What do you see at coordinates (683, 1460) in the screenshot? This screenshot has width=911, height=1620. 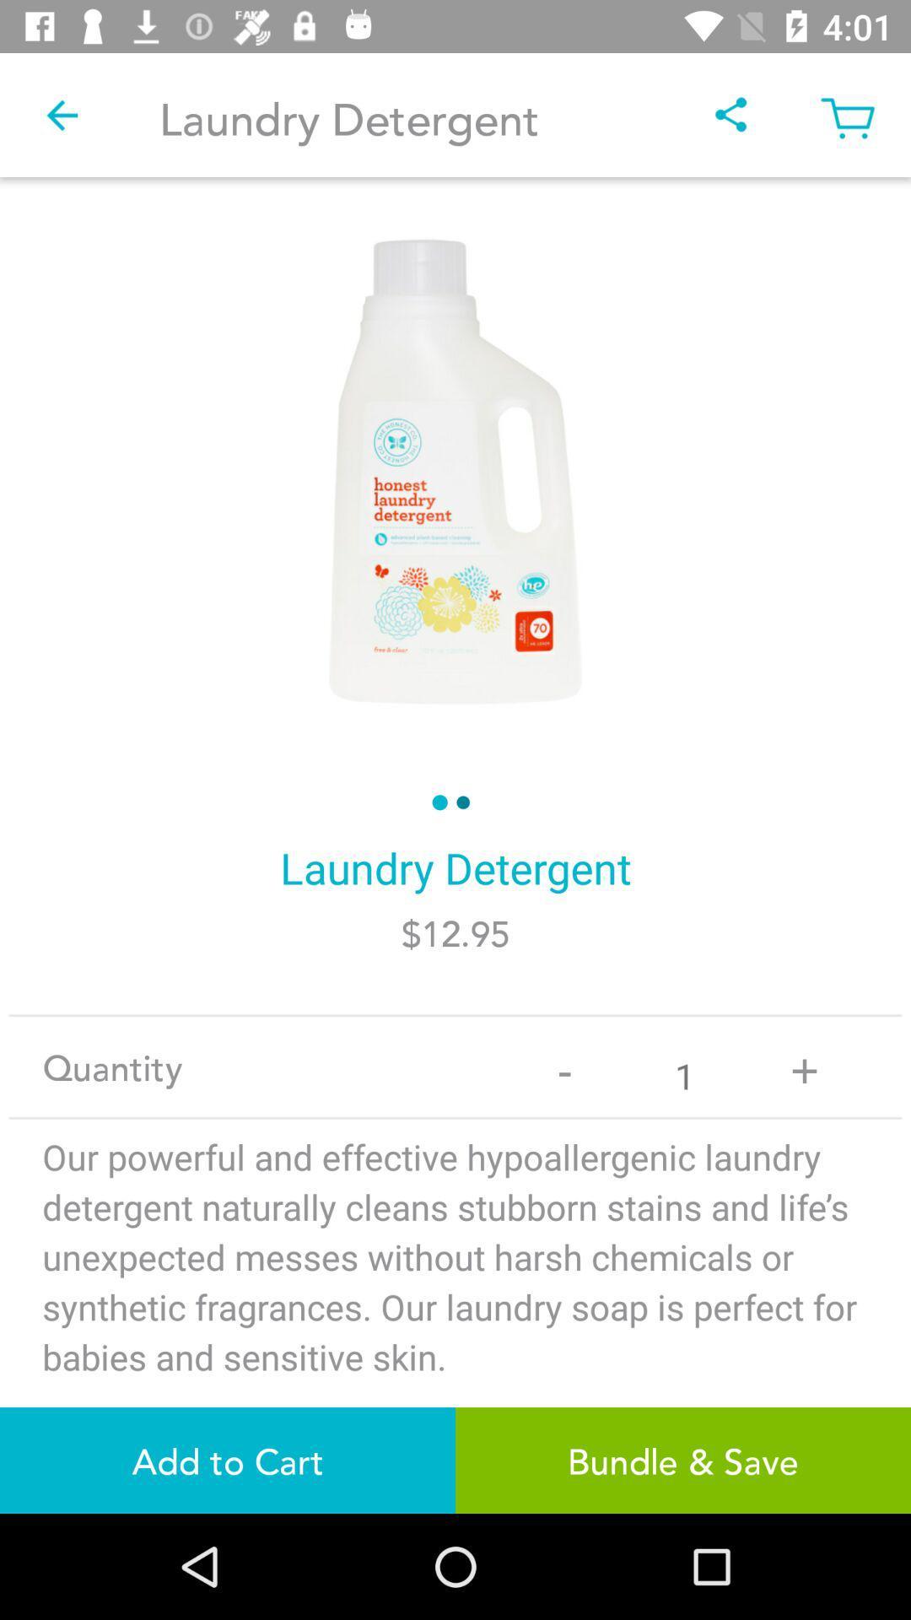 I see `bundle & save` at bounding box center [683, 1460].